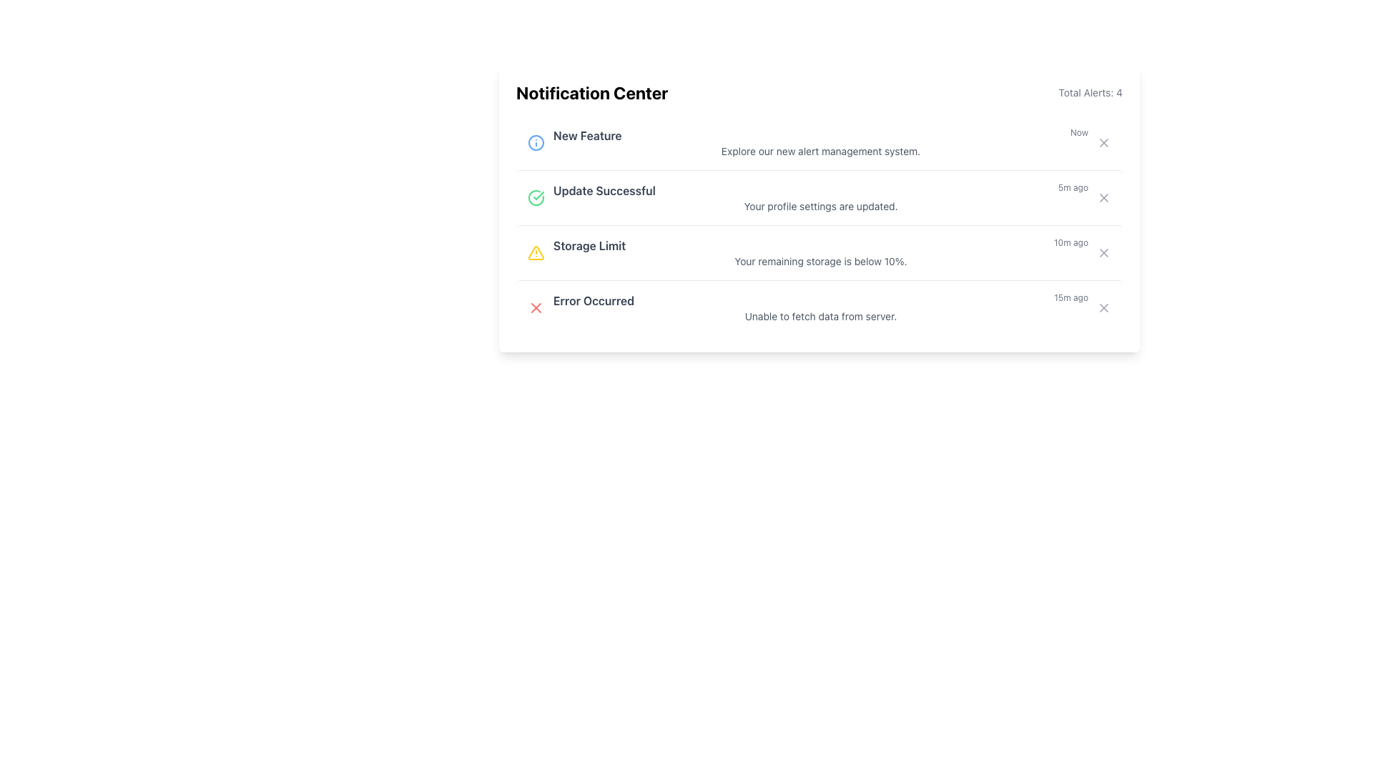 The height and width of the screenshot is (772, 1373). What do you see at coordinates (820, 316) in the screenshot?
I see `the text element that reads 'Unable to fetch data from server.' which is styled with a small gray font and located beneath the heading 'Error Occurred' in the fourth notification entry` at bounding box center [820, 316].